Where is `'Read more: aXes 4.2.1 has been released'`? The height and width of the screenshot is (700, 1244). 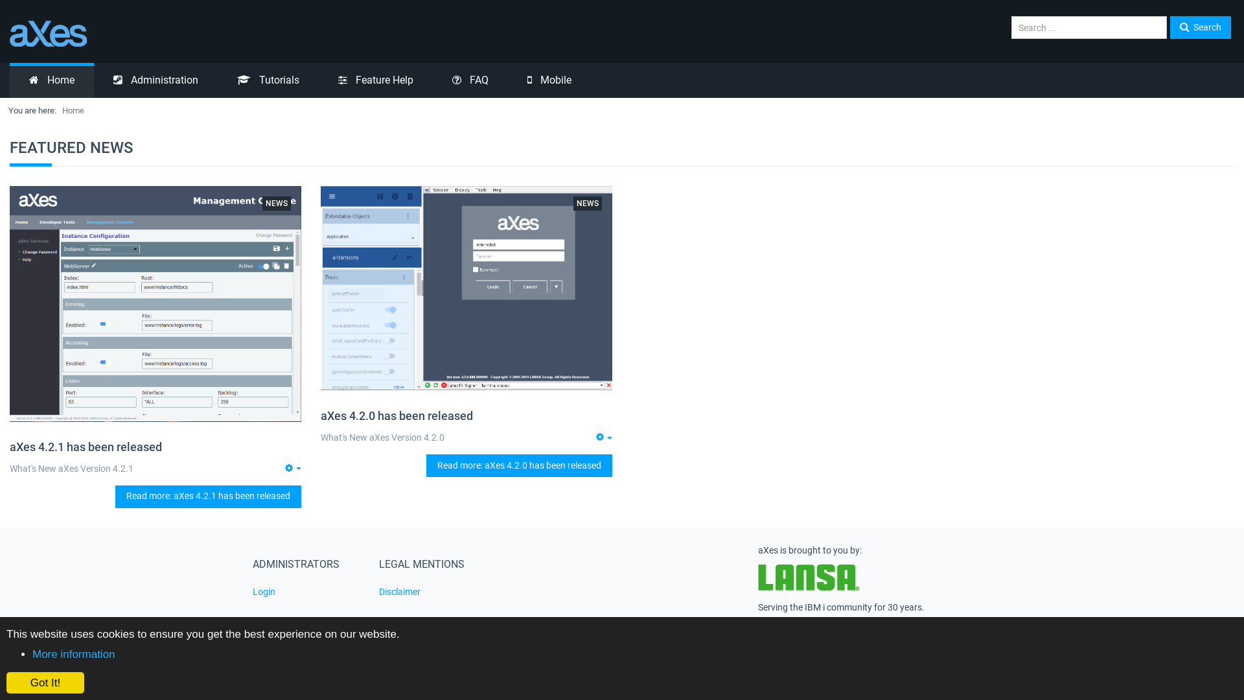
'Read more: aXes 4.2.1 has been released' is located at coordinates (115, 496).